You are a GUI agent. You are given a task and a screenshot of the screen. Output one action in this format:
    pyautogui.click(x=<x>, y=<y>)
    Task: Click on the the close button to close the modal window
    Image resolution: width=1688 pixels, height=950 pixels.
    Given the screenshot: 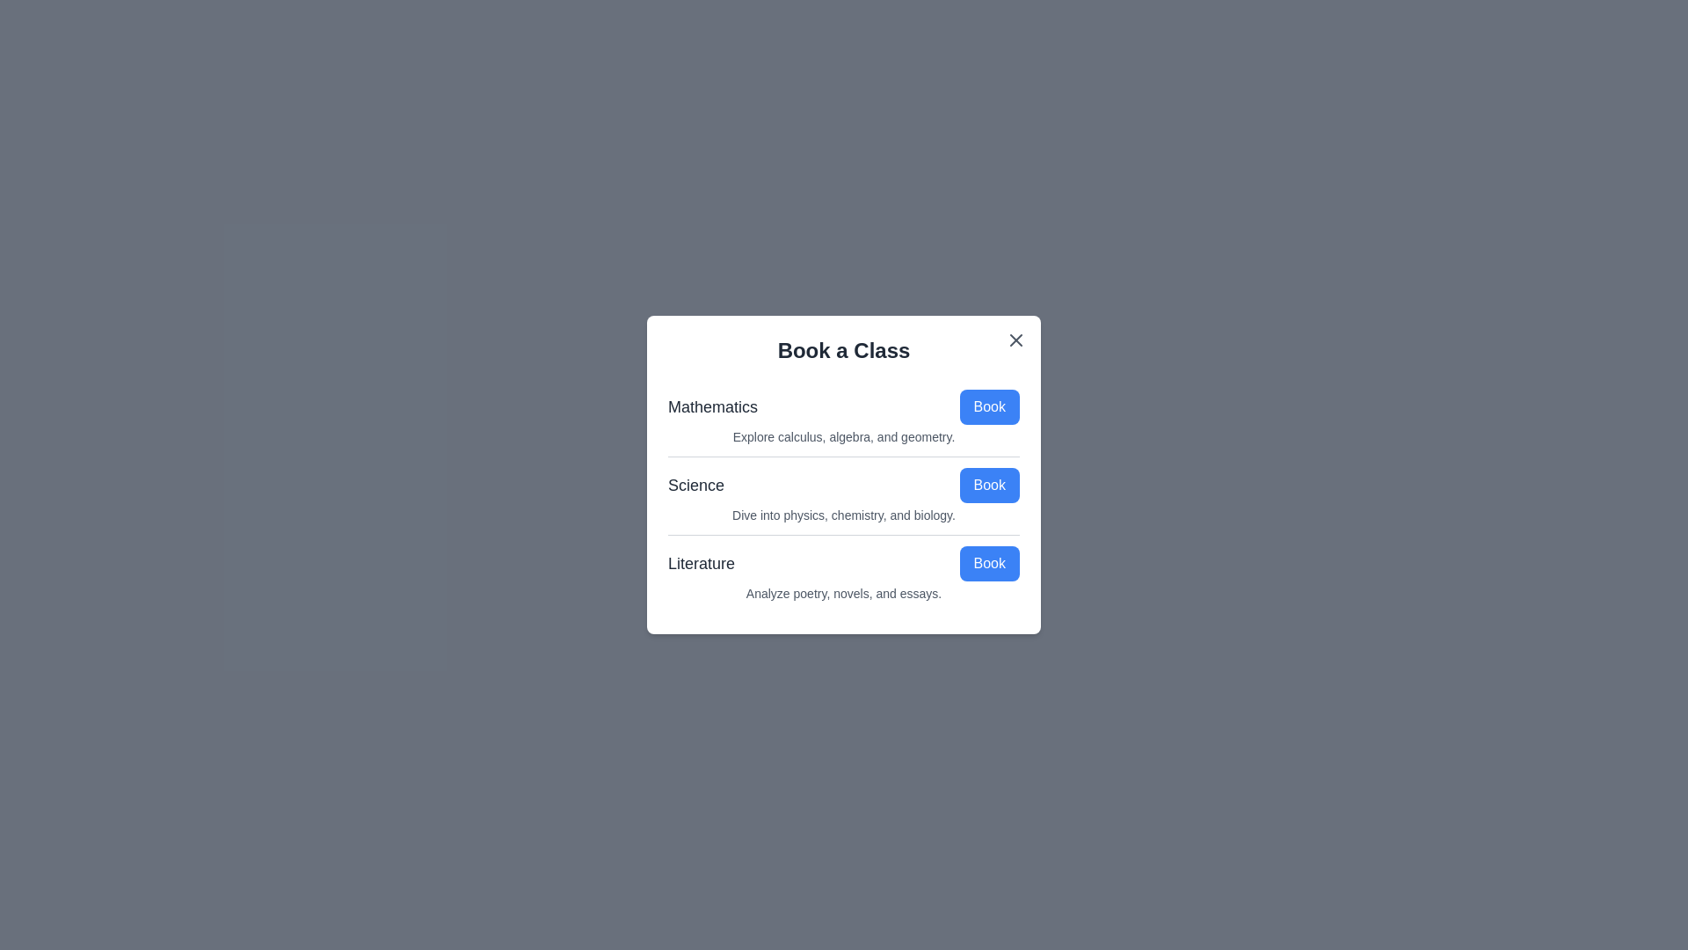 What is the action you would take?
    pyautogui.click(x=1016, y=340)
    